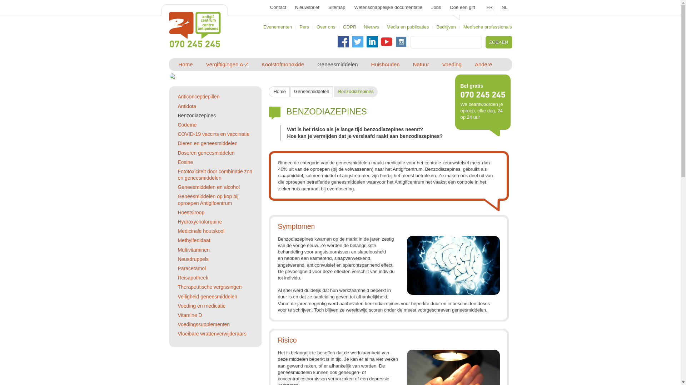 This screenshot has height=385, width=686. What do you see at coordinates (504, 7) in the screenshot?
I see `'NL'` at bounding box center [504, 7].